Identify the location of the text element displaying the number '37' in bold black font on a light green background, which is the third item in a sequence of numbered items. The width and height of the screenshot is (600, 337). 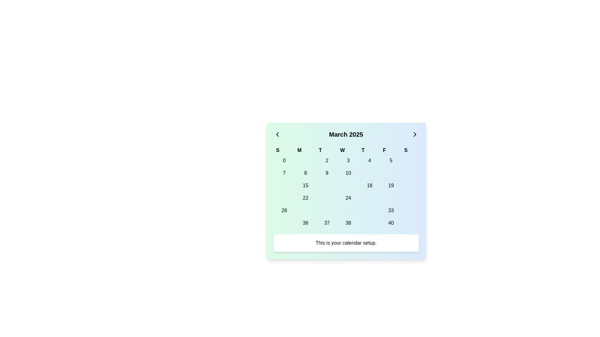
(327, 222).